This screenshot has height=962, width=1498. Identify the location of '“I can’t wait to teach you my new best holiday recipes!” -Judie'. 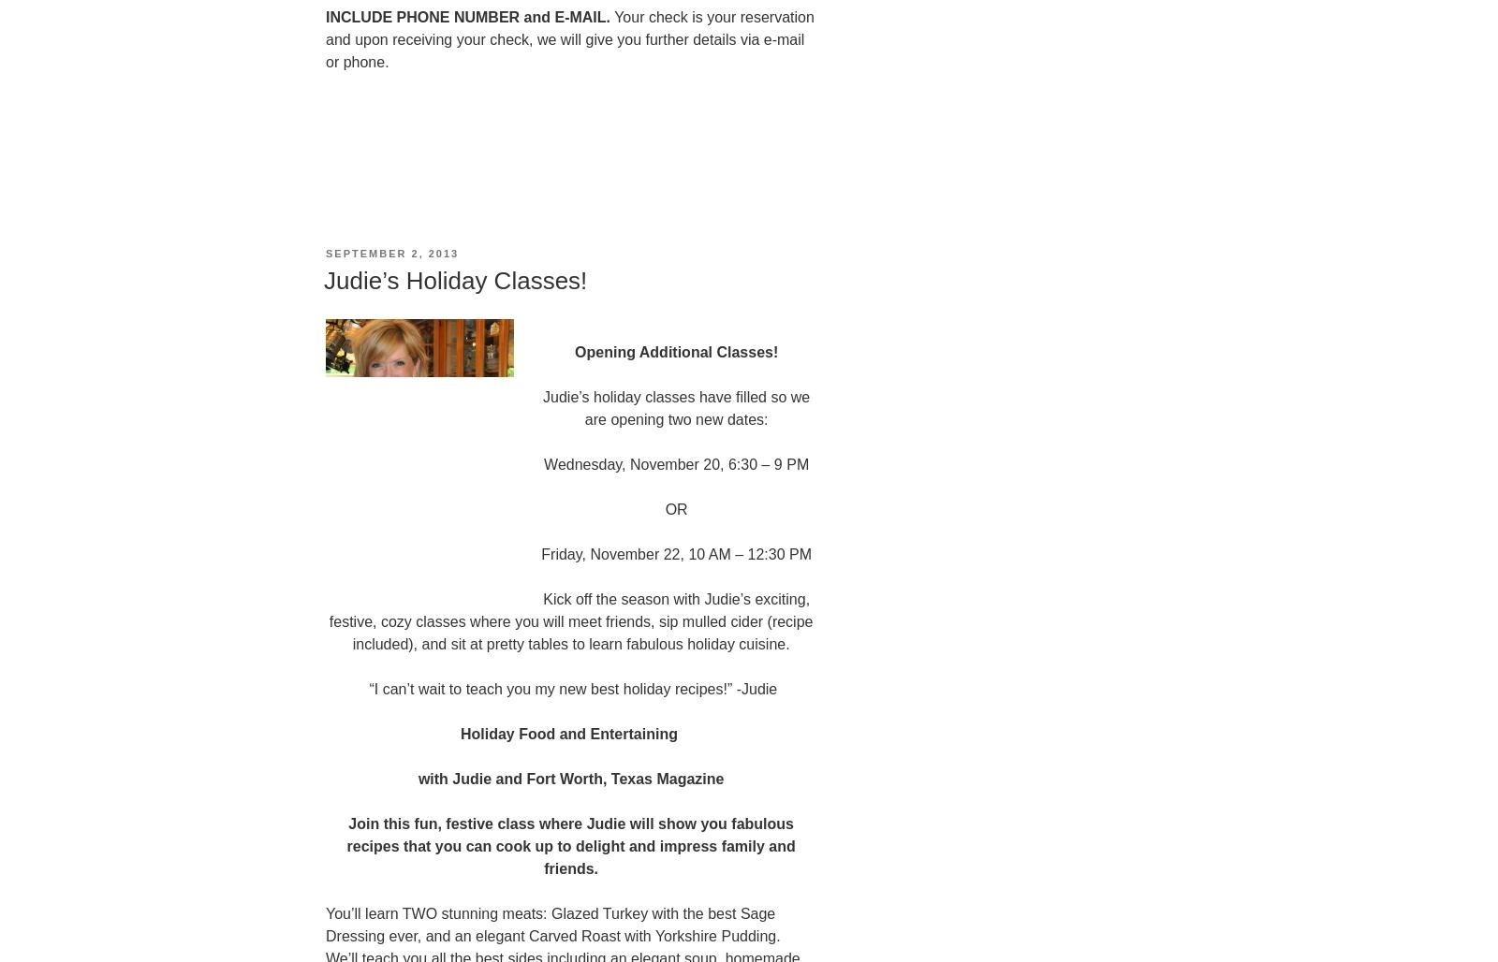
(571, 687).